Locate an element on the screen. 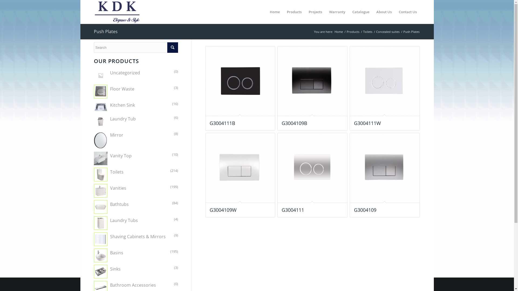 The height and width of the screenshot is (291, 518). 'Shaving Cabinets & Mirrors' is located at coordinates (101, 239).